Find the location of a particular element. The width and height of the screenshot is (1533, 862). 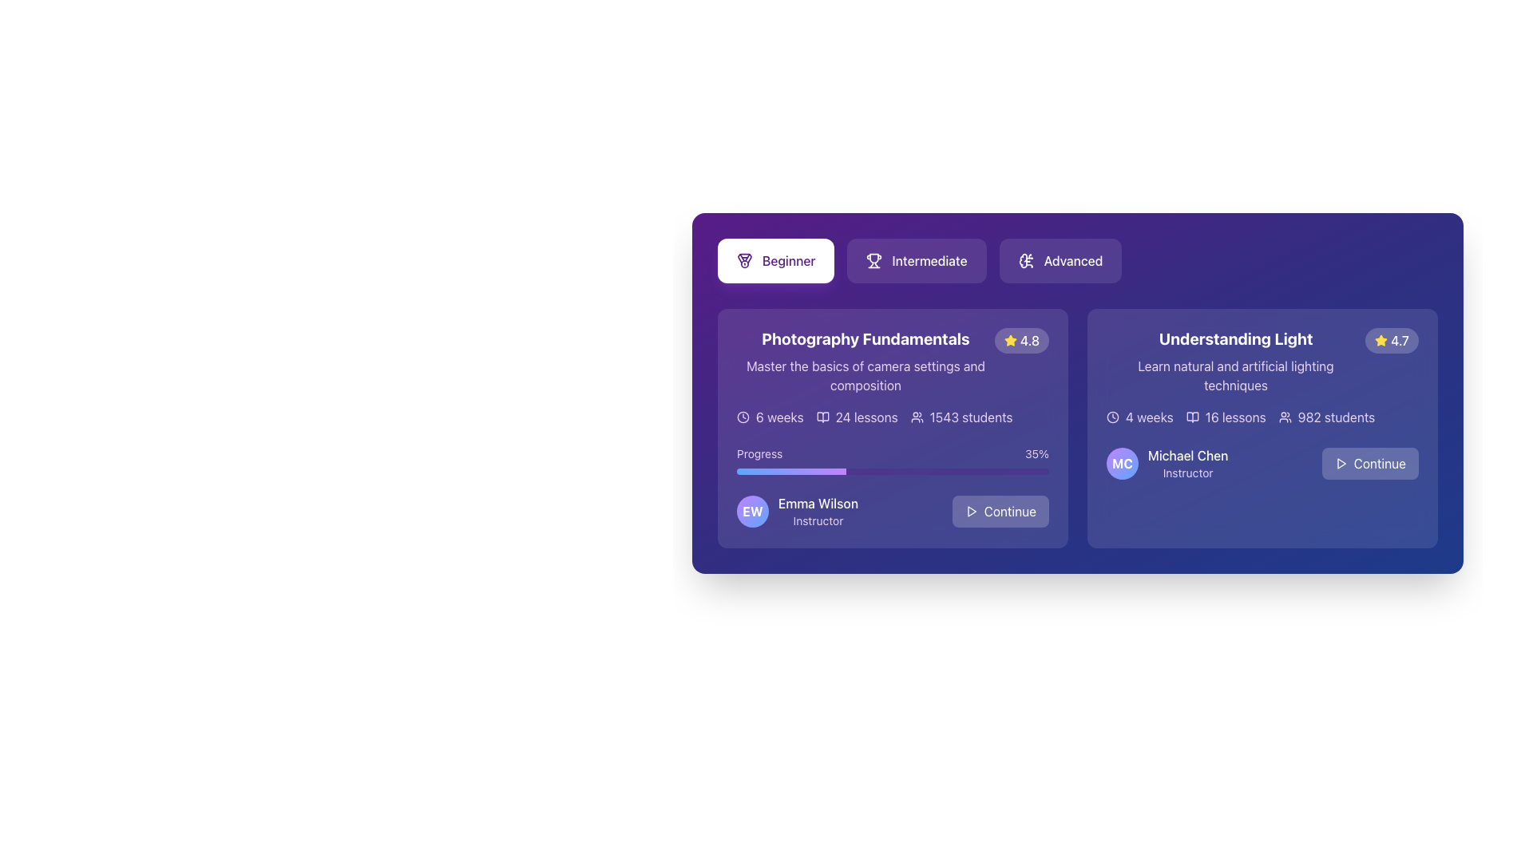

the bold text heading 'Understanding Light' which is styled with a white font color and is located at the top of the right card in the layout is located at coordinates (1235, 338).